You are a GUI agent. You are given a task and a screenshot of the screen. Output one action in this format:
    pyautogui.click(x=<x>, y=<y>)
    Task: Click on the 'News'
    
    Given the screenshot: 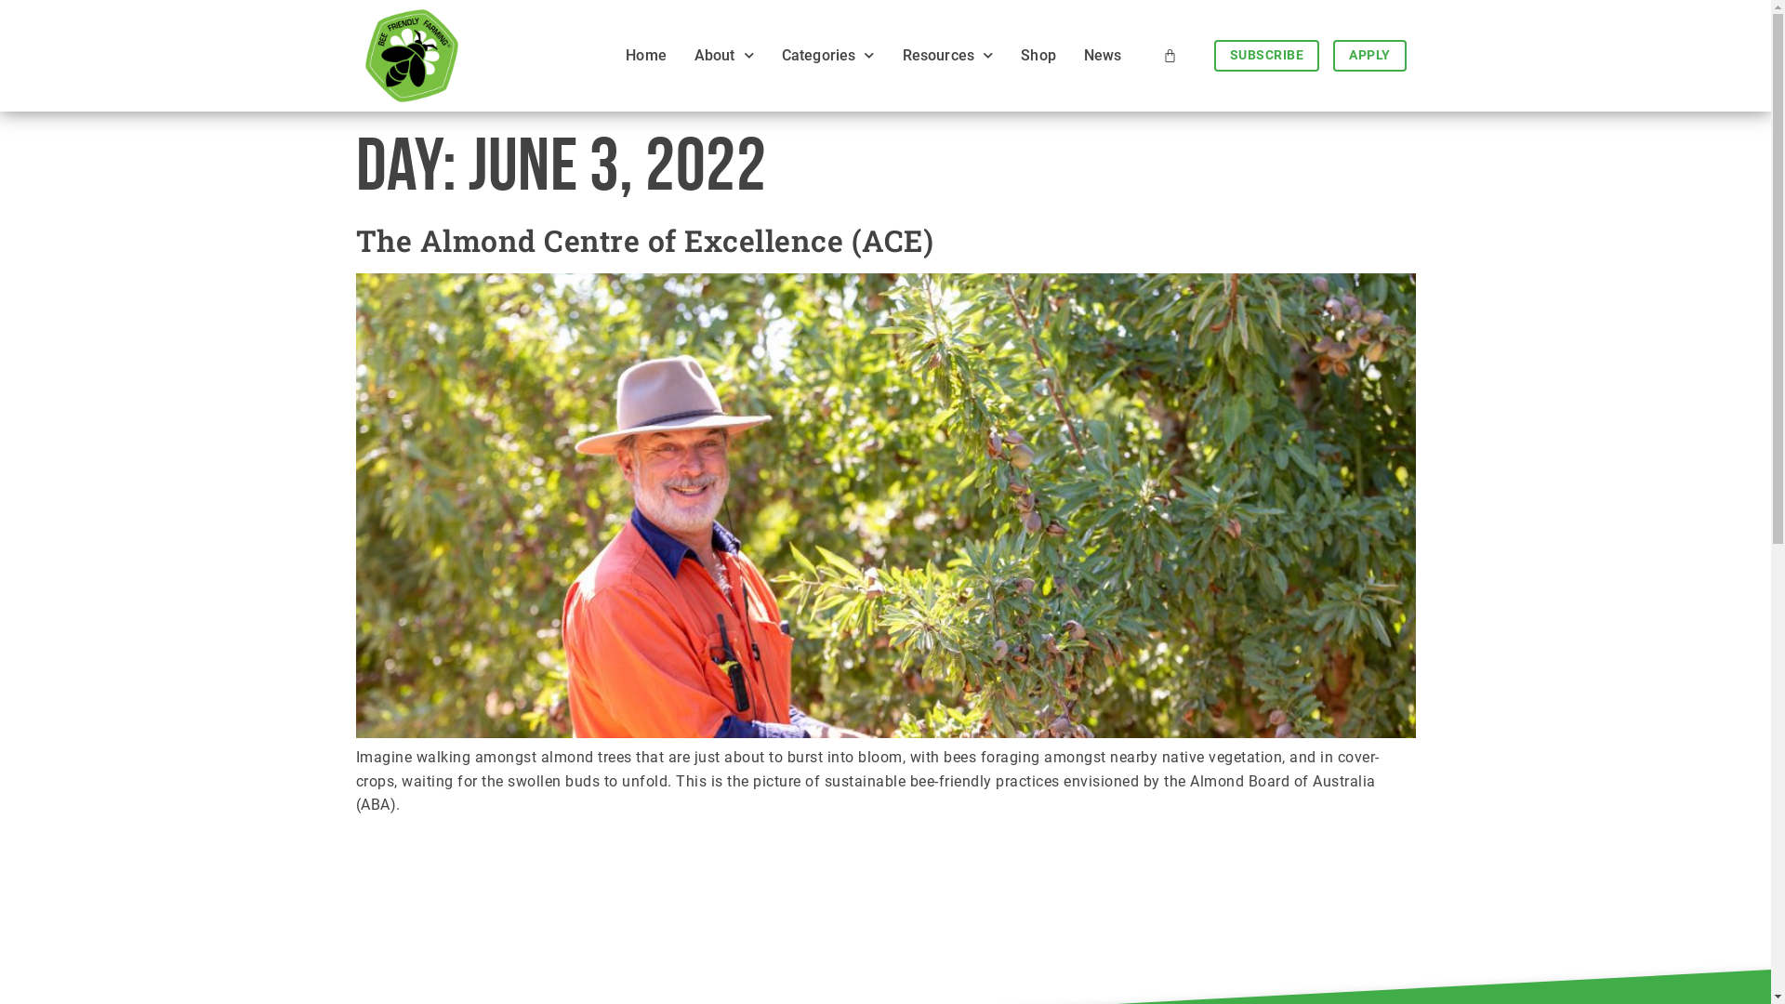 What is the action you would take?
    pyautogui.click(x=1103, y=55)
    